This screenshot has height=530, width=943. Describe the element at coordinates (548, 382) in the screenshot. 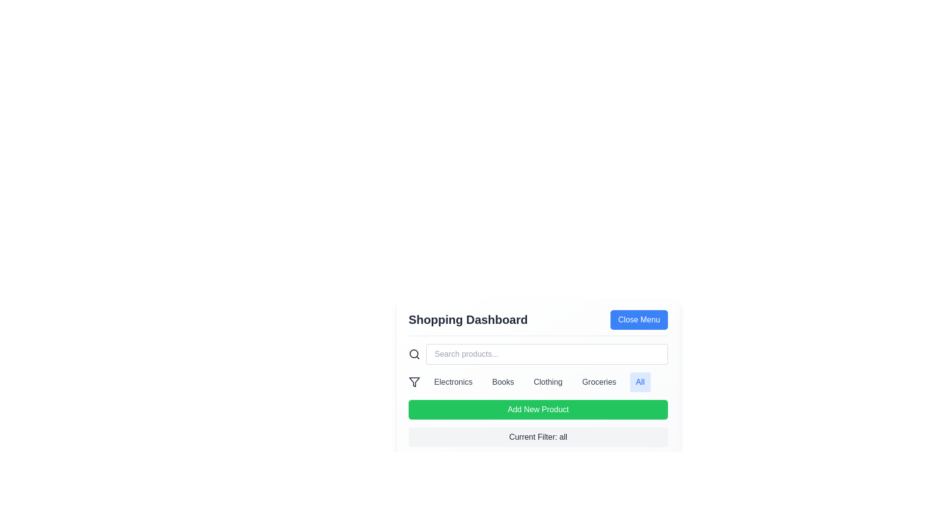

I see `the 'Clothing' selection button in the horizontal navigation menu to filter or navigate to the Clothing section` at that location.